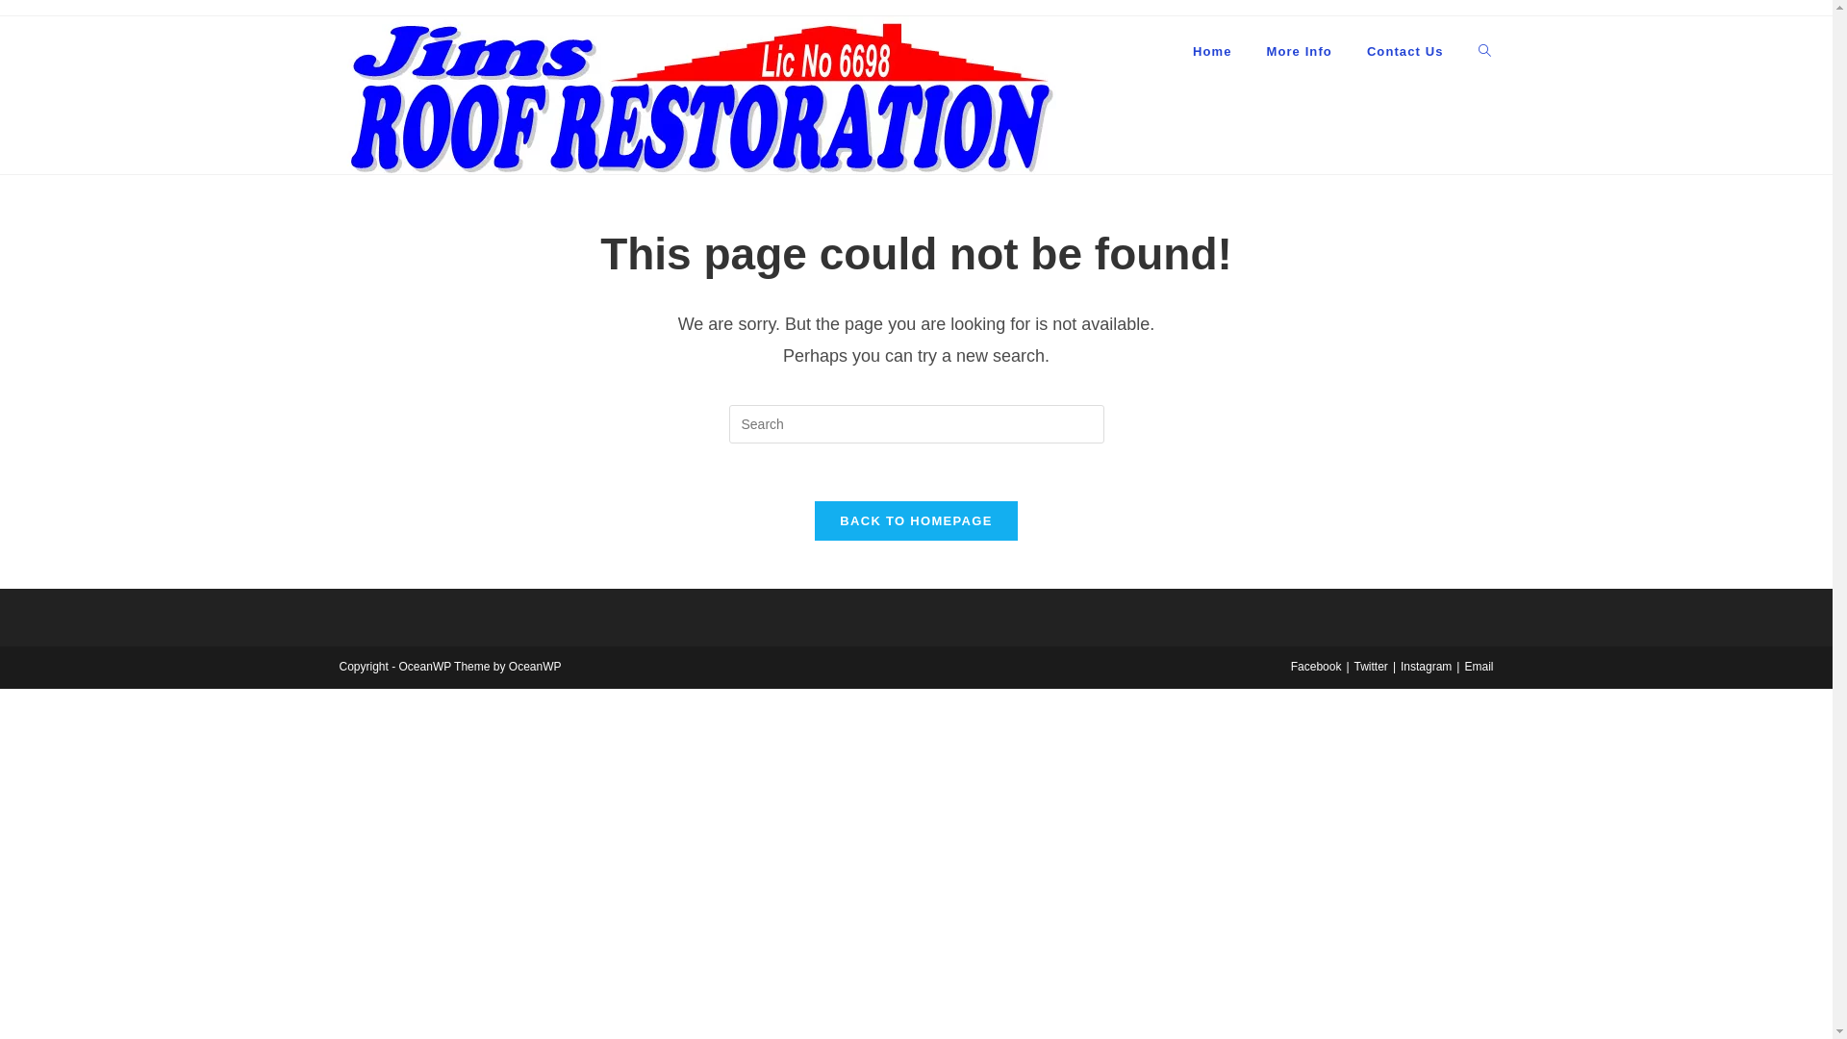  What do you see at coordinates (1459, 51) in the screenshot?
I see `'Toggle website search'` at bounding box center [1459, 51].